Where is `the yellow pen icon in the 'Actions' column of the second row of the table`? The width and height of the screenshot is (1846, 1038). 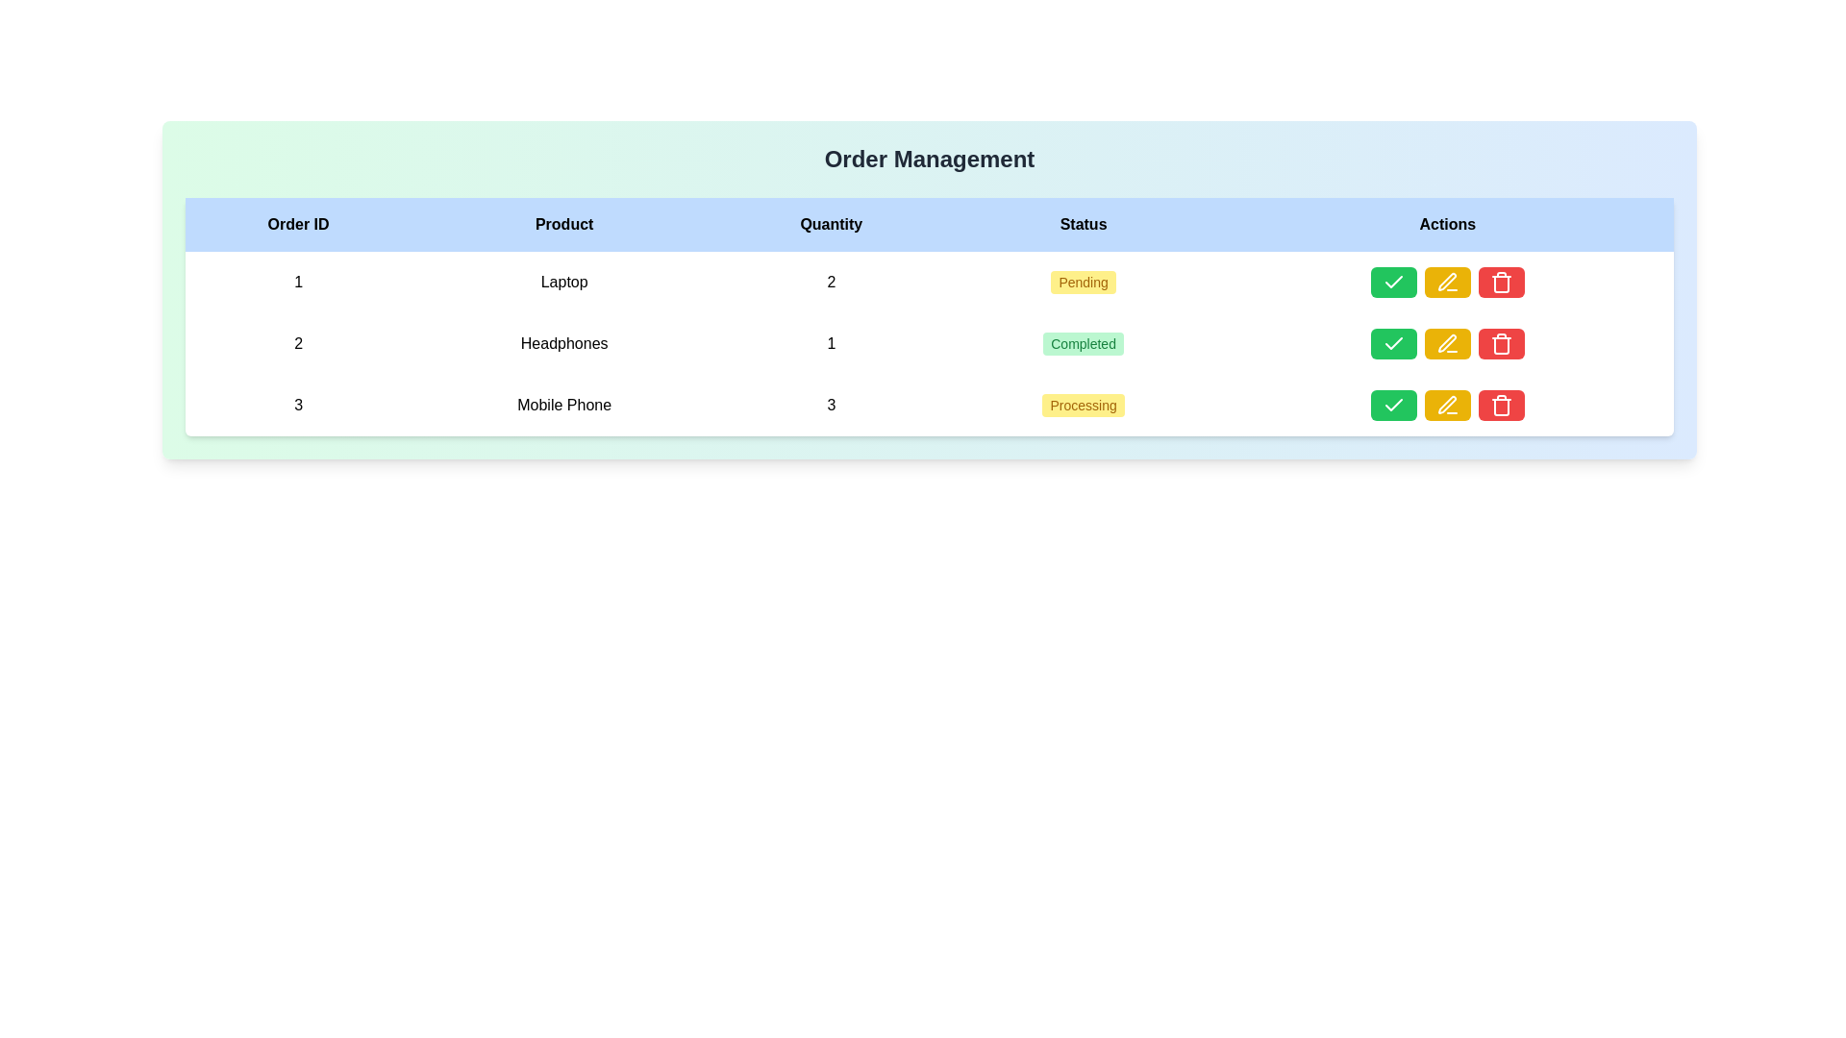
the yellow pen icon in the 'Actions' column of the second row of the table is located at coordinates (1447, 342).